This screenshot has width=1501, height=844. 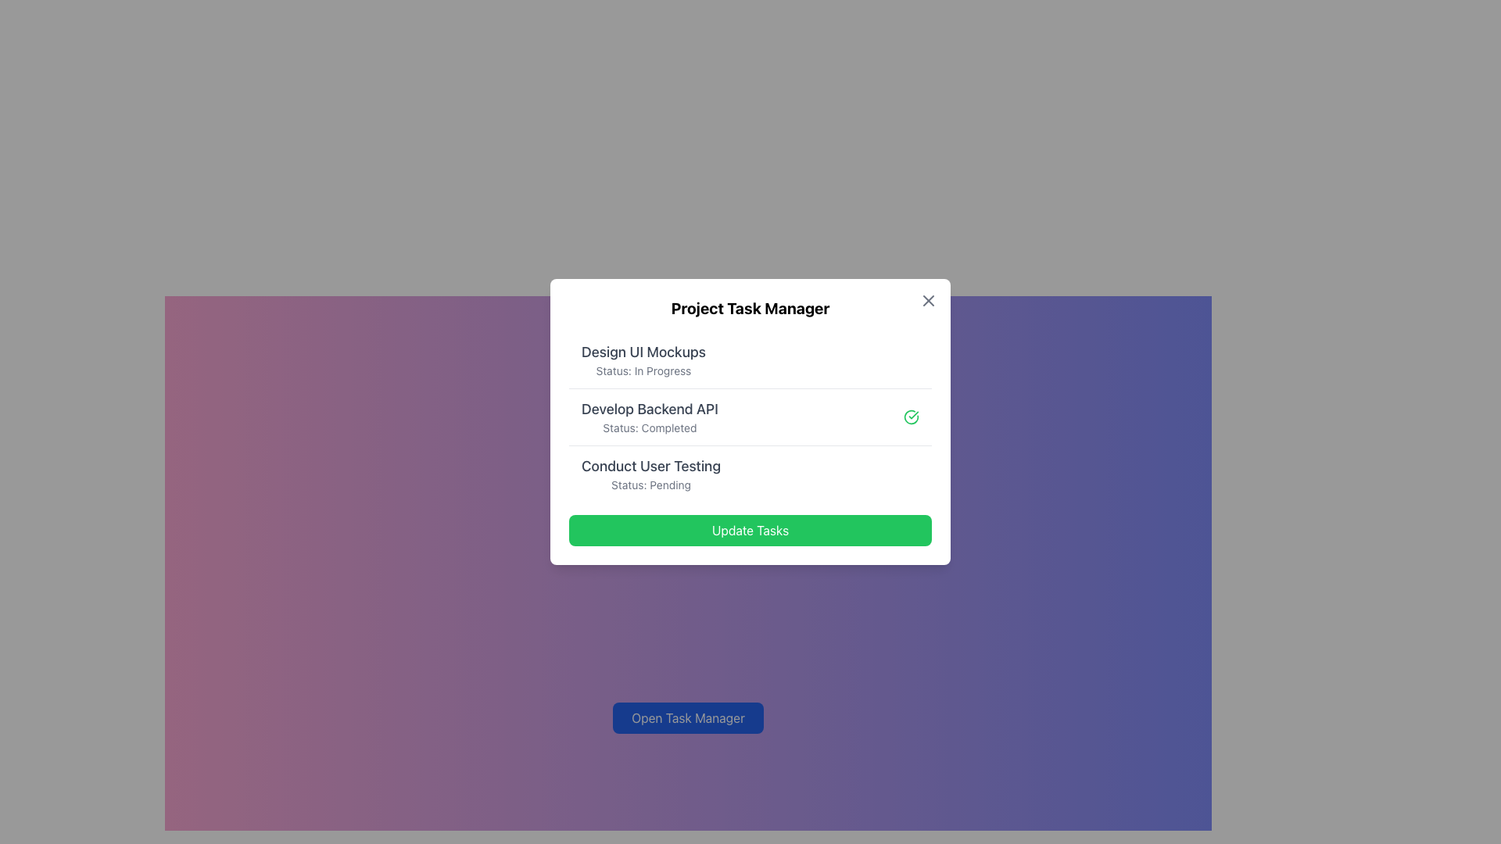 What do you see at coordinates (650, 416) in the screenshot?
I see `the static text element displaying 'Develop Backend API' with status 'Status: Completed', which is the second item in the task list` at bounding box center [650, 416].